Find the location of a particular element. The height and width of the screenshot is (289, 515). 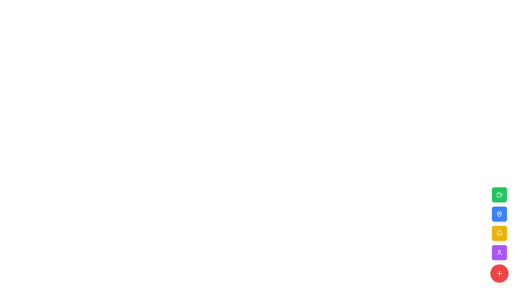

the square button with a purple background and a user icon in the center, which is the last button in a vertical stack of buttons is located at coordinates (499, 253).